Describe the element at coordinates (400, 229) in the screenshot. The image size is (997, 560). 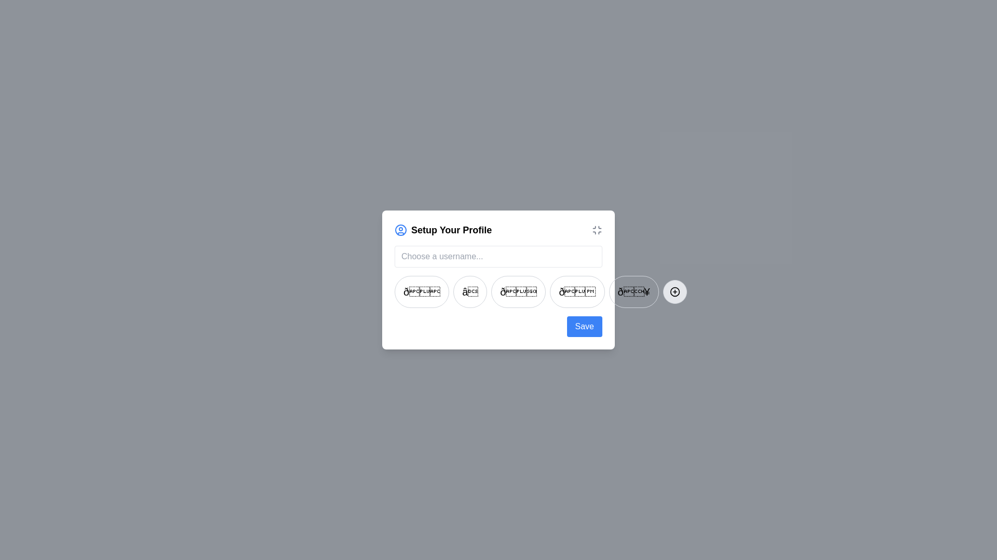
I see `the user profile icon, which is a blue circle containing a simplistic outline of a person, located in the top-left corner of the 'Setup Your Profile' dialog box header` at that location.